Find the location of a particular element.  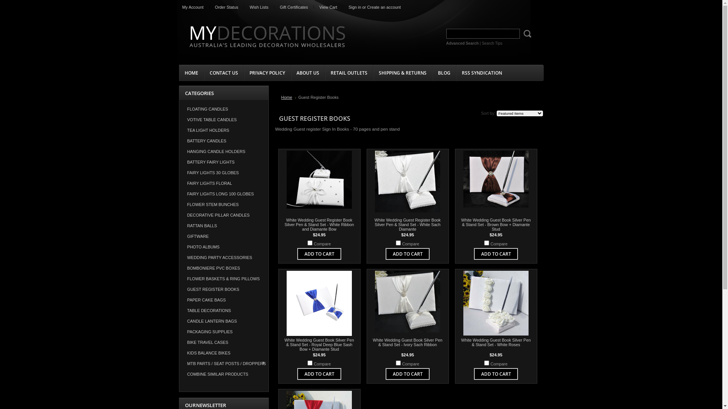

'View Cart' is located at coordinates (328, 7).